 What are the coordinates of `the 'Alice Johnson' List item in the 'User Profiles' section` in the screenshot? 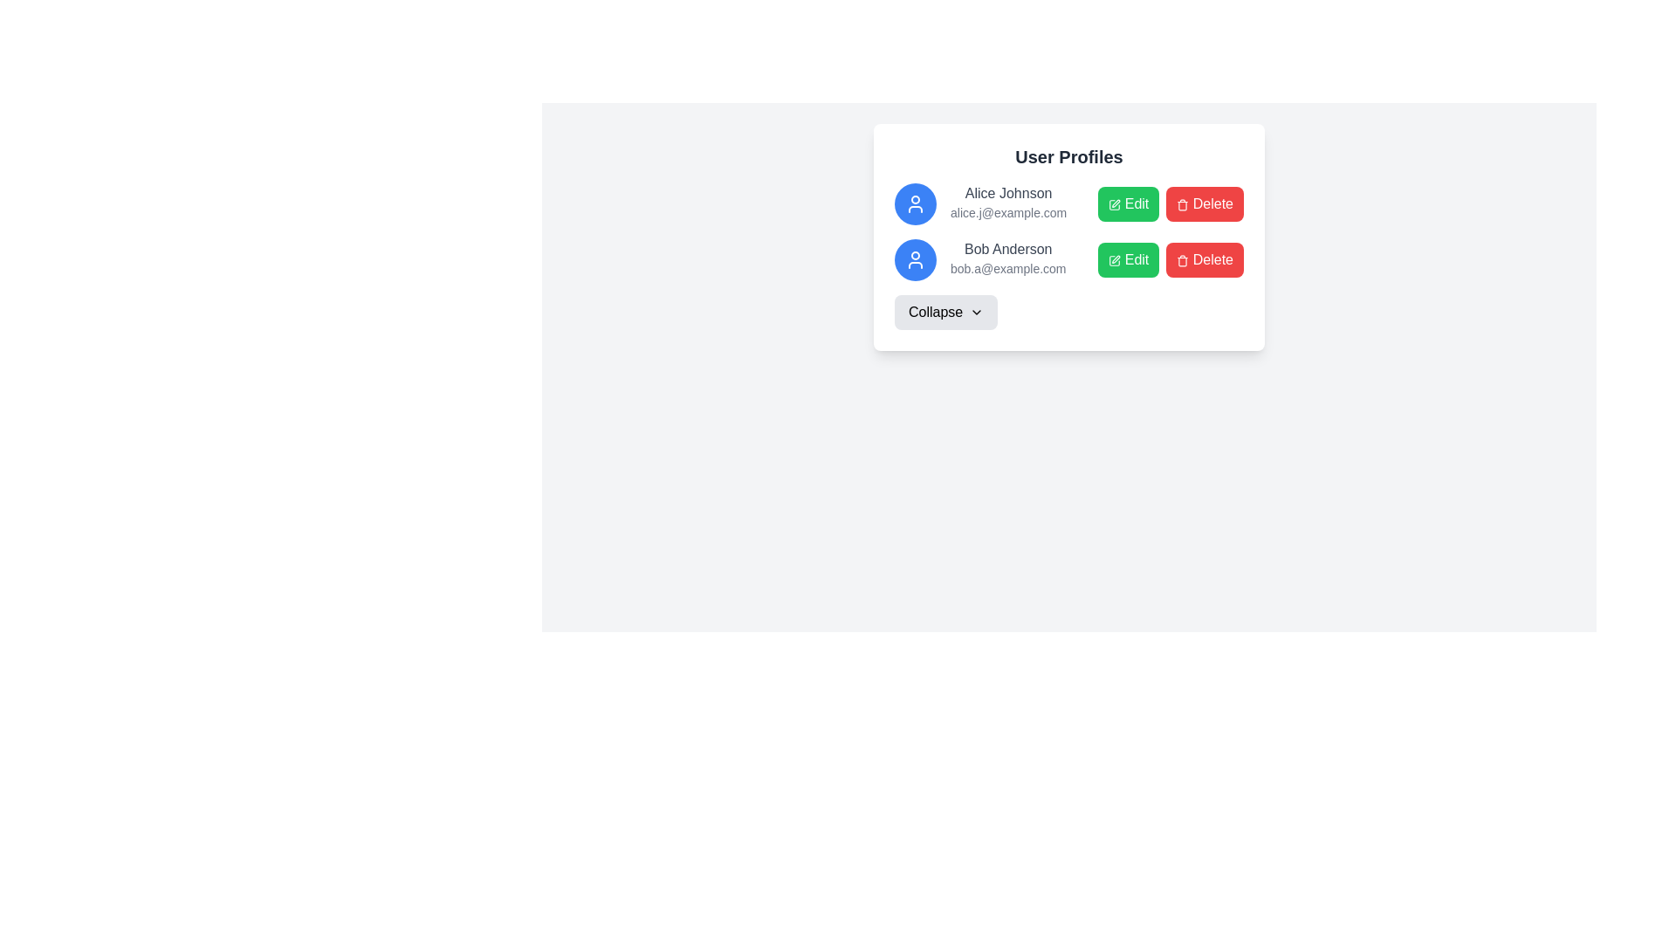 It's located at (1068, 203).